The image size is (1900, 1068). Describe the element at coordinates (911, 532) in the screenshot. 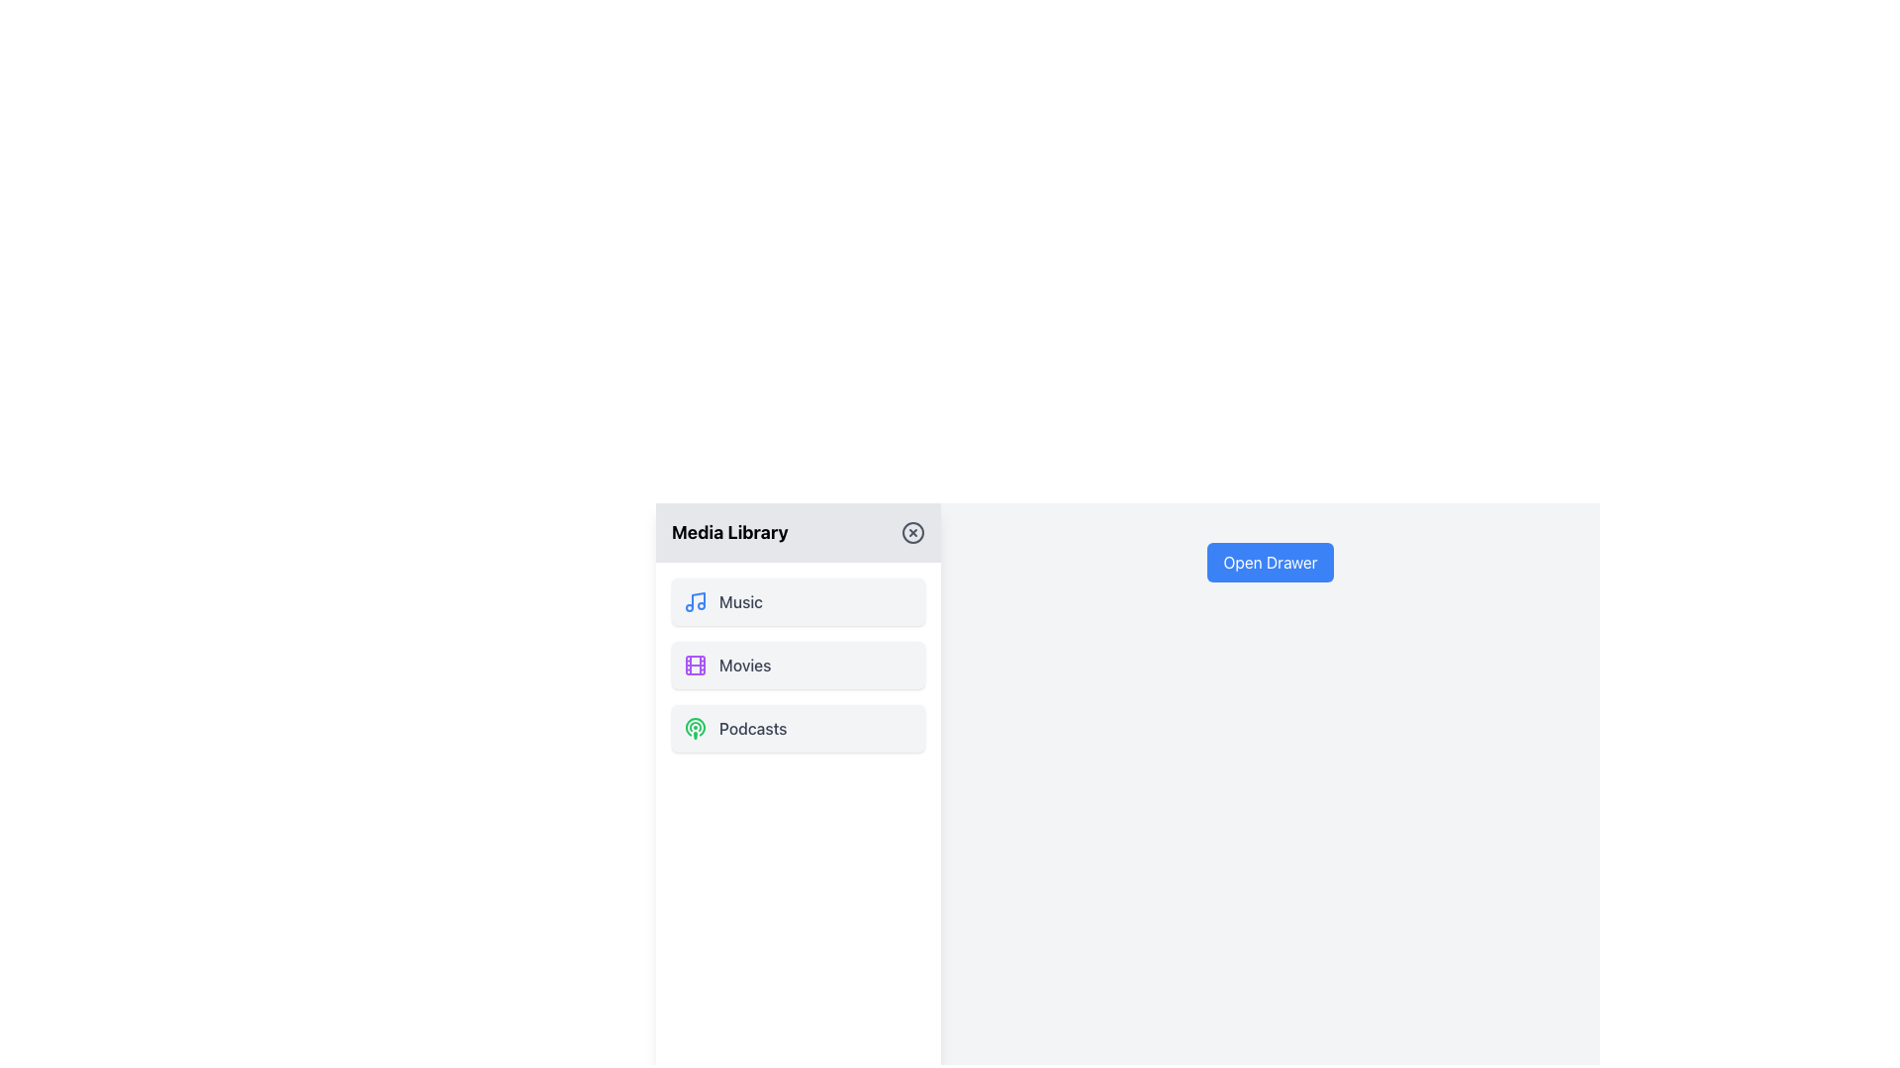

I see `the circular close or cancel button located at the top-right corner of the Media Library panel, which is visually distinct with a light background and darker border` at that location.